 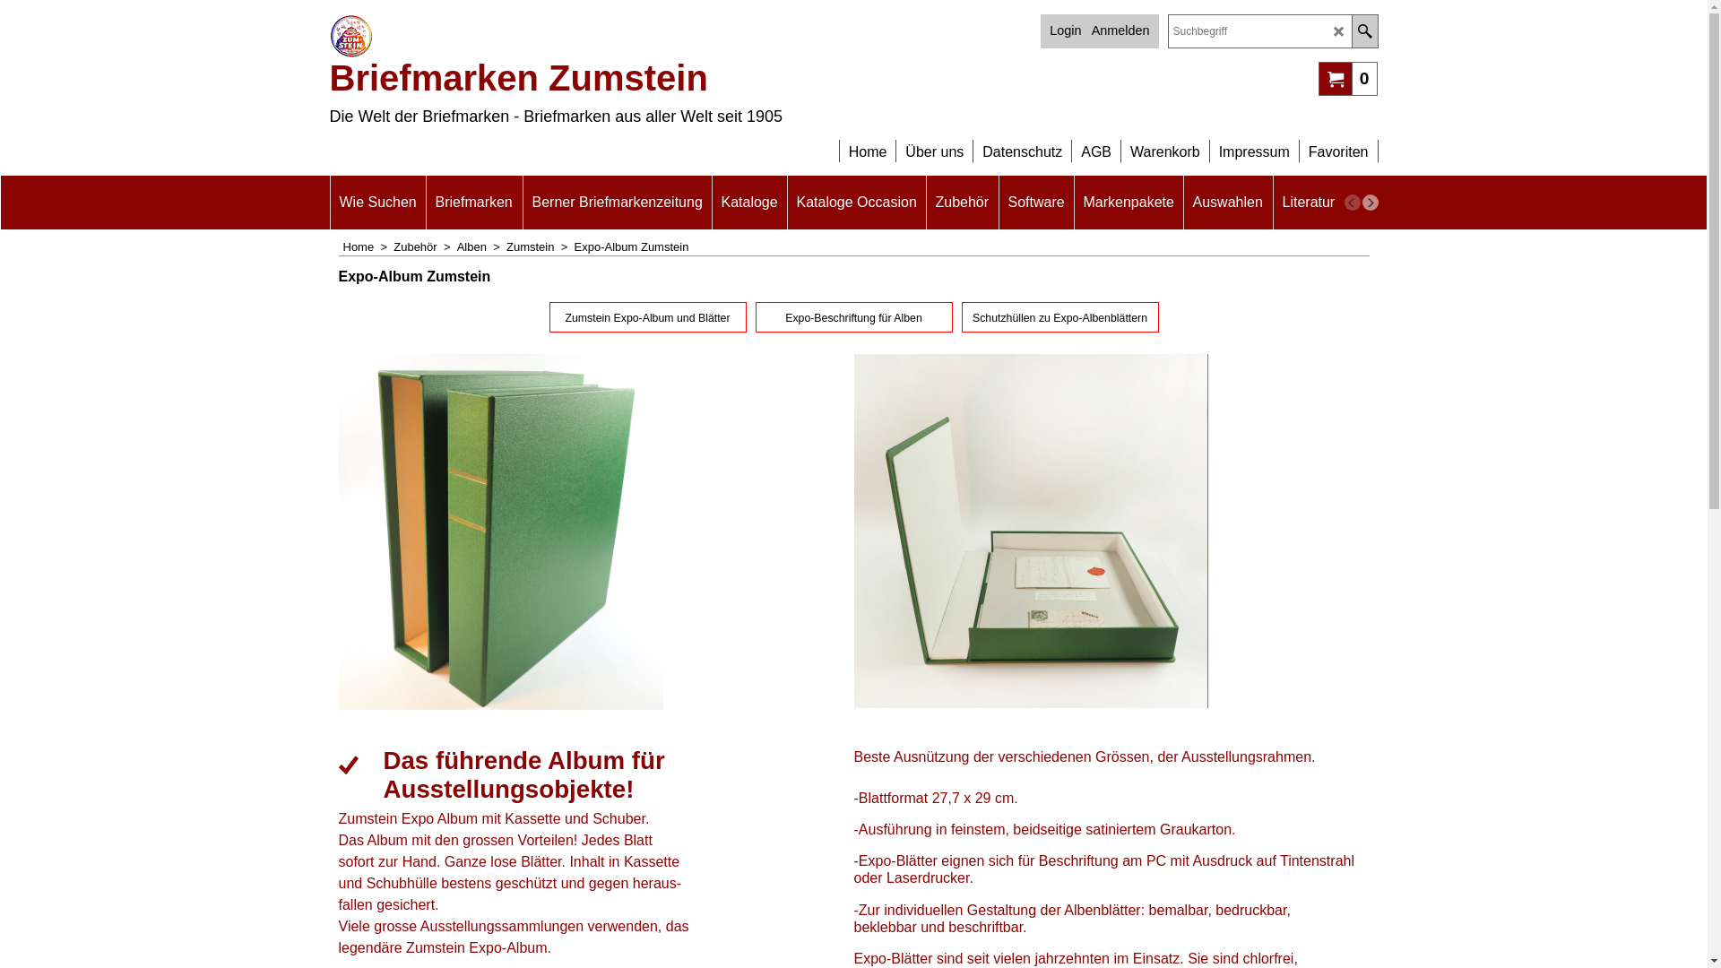 What do you see at coordinates (1253, 143) in the screenshot?
I see `'Impressum'` at bounding box center [1253, 143].